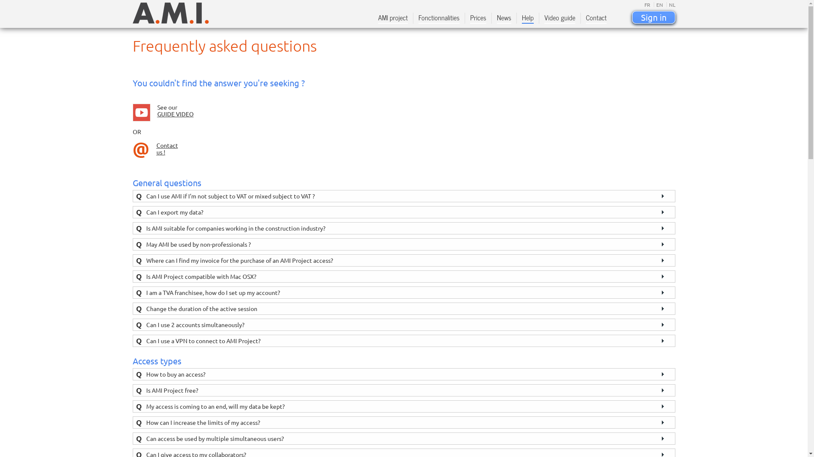 Image resolution: width=814 pixels, height=457 pixels. I want to click on 'Contact, so click(167, 148).